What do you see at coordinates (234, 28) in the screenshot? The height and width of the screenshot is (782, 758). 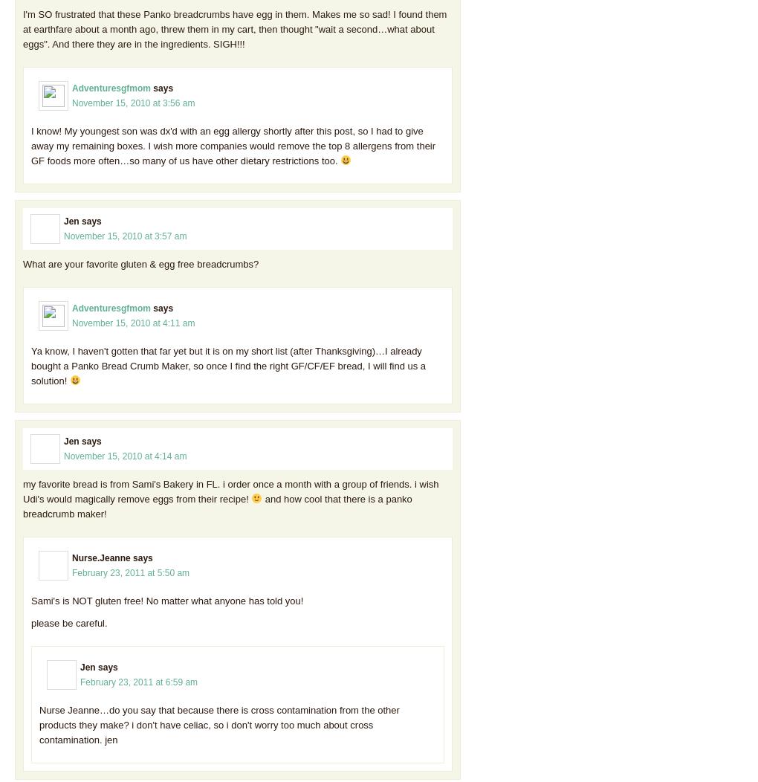 I see `'I'm SO frustrated that these Panko breadcrumbs have egg in them.  Makes me so sad!  I found them at earthfare about a month ago, threw them in my cart, then thought "wait a second…what about eggs".  And there they are in the ingredients.  SIGH!!!'` at bounding box center [234, 28].